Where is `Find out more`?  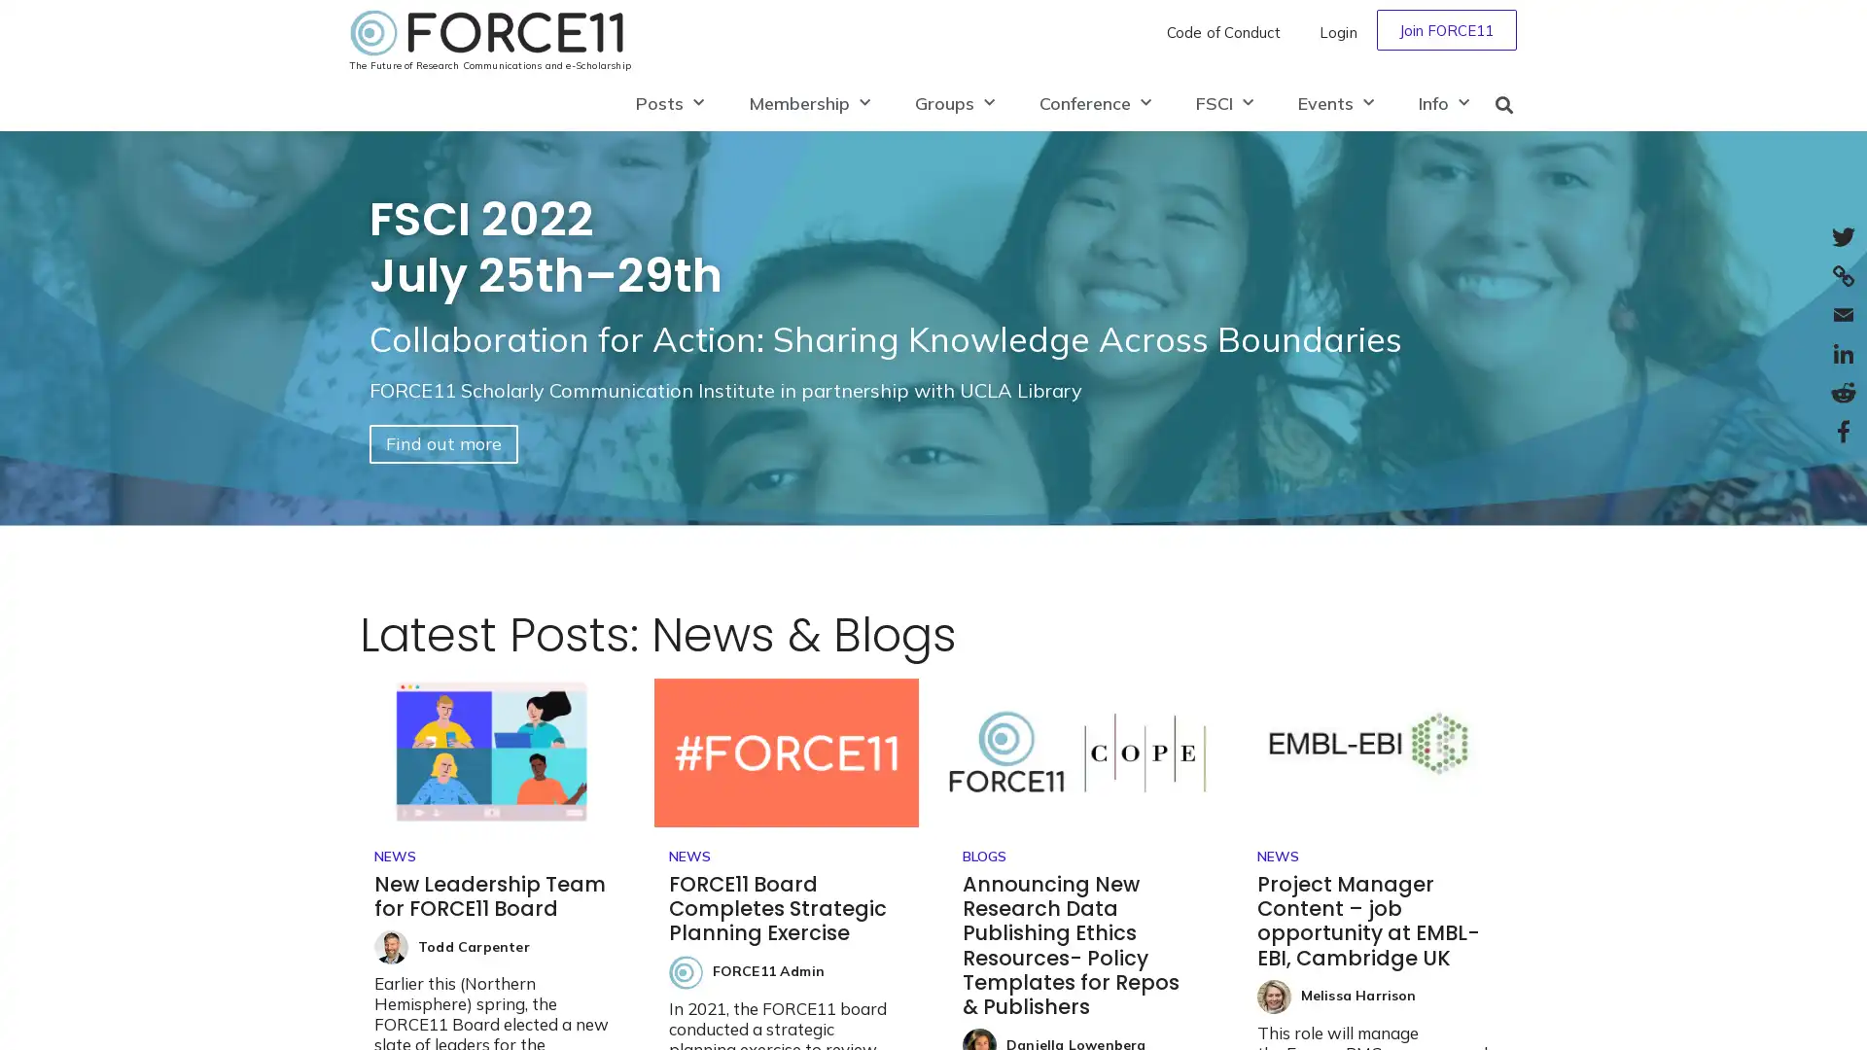 Find out more is located at coordinates (442, 443).